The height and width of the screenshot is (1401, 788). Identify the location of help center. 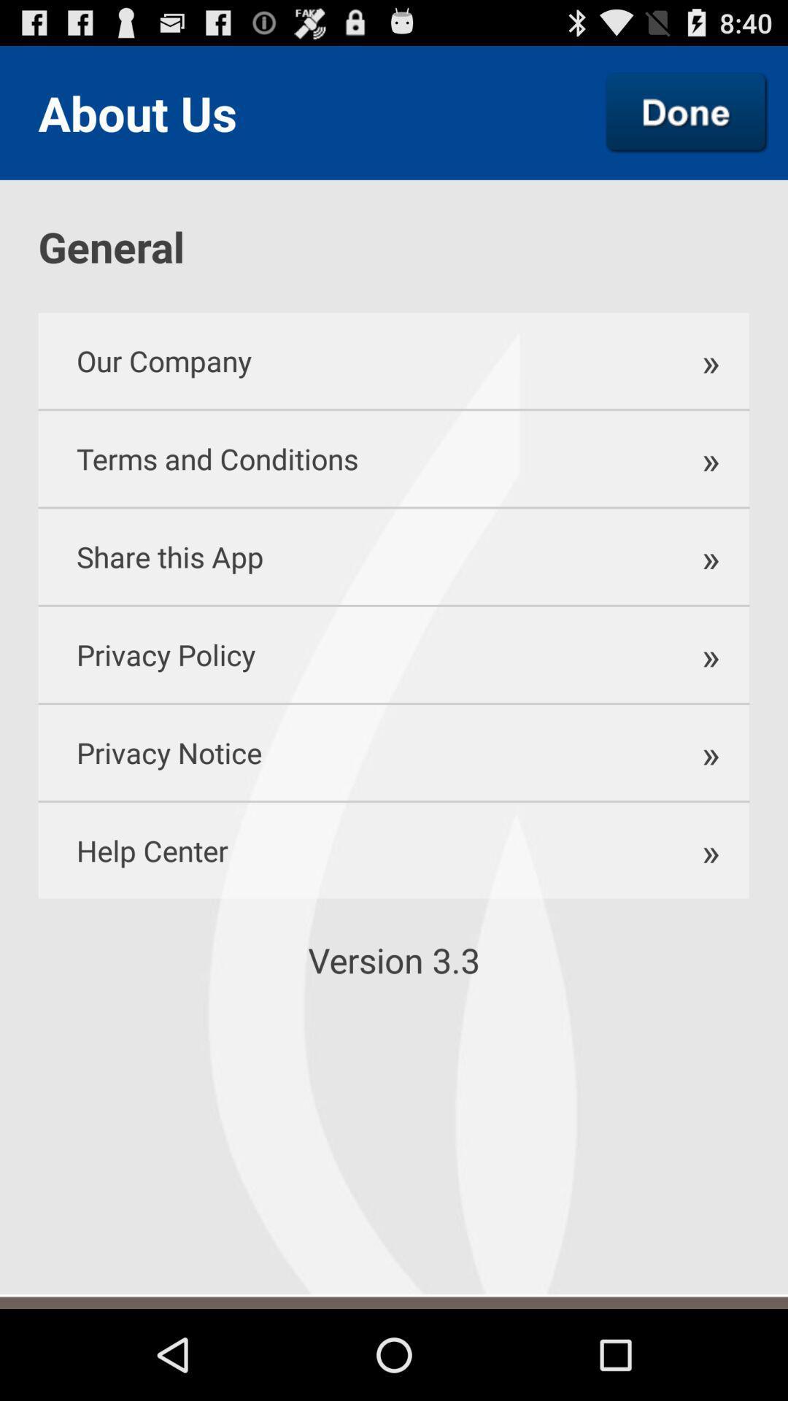
(347, 850).